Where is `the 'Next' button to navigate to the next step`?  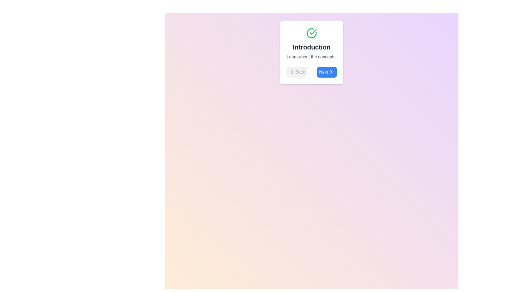
the 'Next' button to navigate to the next step is located at coordinates (327, 72).